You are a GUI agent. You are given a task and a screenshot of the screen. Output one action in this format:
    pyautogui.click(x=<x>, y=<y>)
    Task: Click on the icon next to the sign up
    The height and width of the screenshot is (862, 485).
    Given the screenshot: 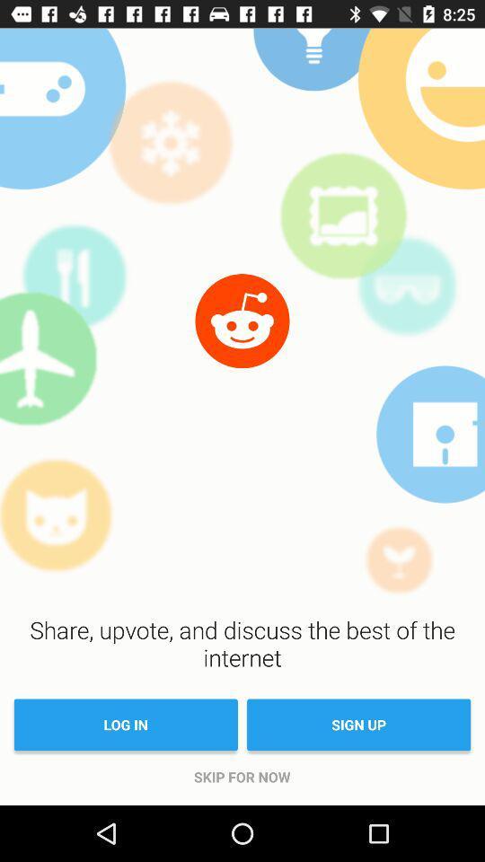 What is the action you would take?
    pyautogui.click(x=125, y=725)
    